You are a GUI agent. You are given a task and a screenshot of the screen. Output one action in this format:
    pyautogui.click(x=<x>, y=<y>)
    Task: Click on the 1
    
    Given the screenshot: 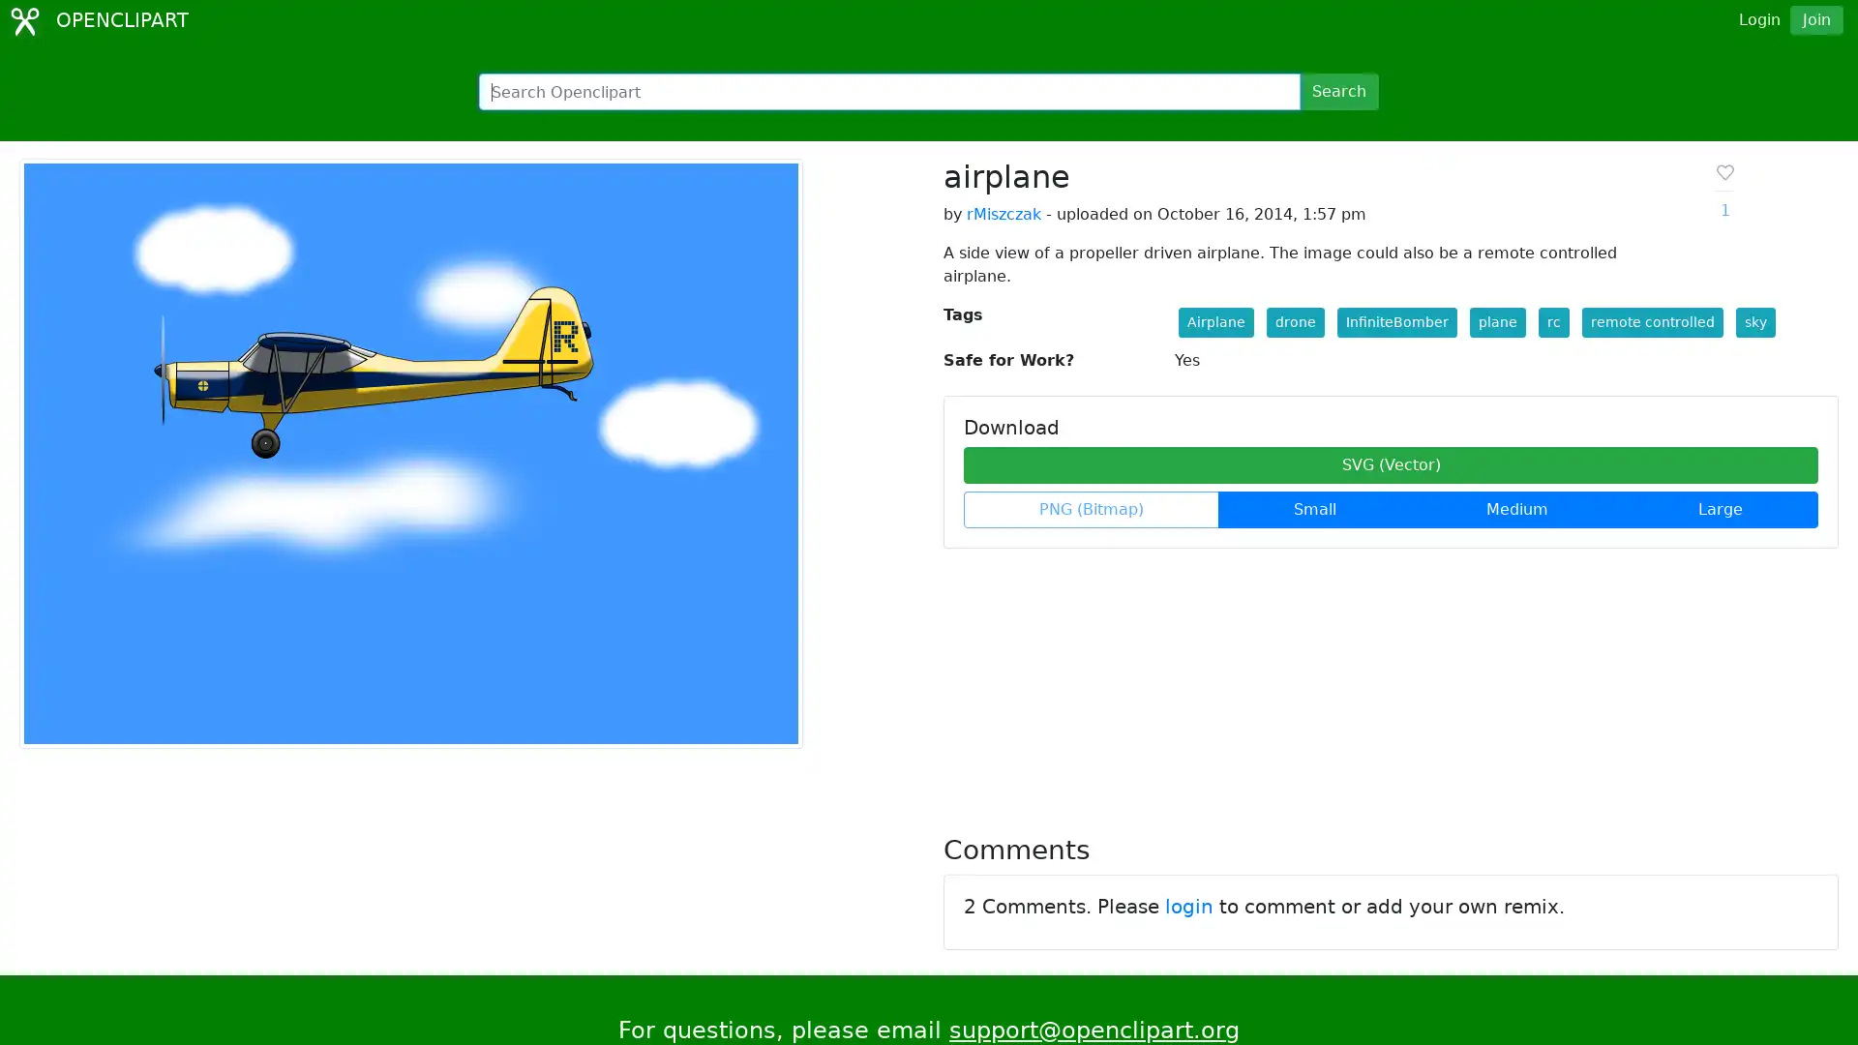 What is the action you would take?
    pyautogui.click(x=1723, y=191)
    